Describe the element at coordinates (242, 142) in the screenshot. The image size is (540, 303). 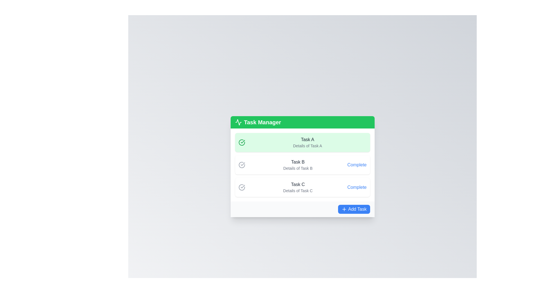
I see `the state of the circular icon with a green border and green checkmark, which indicates a completed task, located to the left of the text 'Task A'` at that location.